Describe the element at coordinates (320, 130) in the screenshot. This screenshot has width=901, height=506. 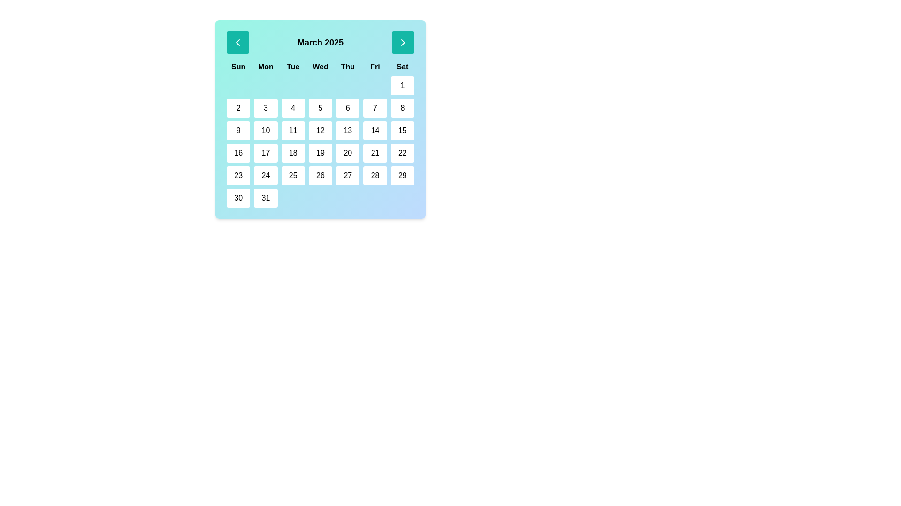
I see `the button representing the 12th day of the month in the calendar interface` at that location.